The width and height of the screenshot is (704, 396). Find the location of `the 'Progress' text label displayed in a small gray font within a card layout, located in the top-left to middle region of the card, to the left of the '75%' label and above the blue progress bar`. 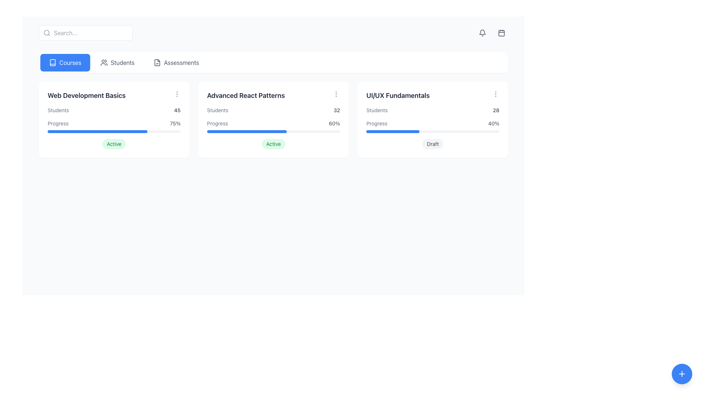

the 'Progress' text label displayed in a small gray font within a card layout, located in the top-left to middle region of the card, to the left of the '75%' label and above the blue progress bar is located at coordinates (58, 123).